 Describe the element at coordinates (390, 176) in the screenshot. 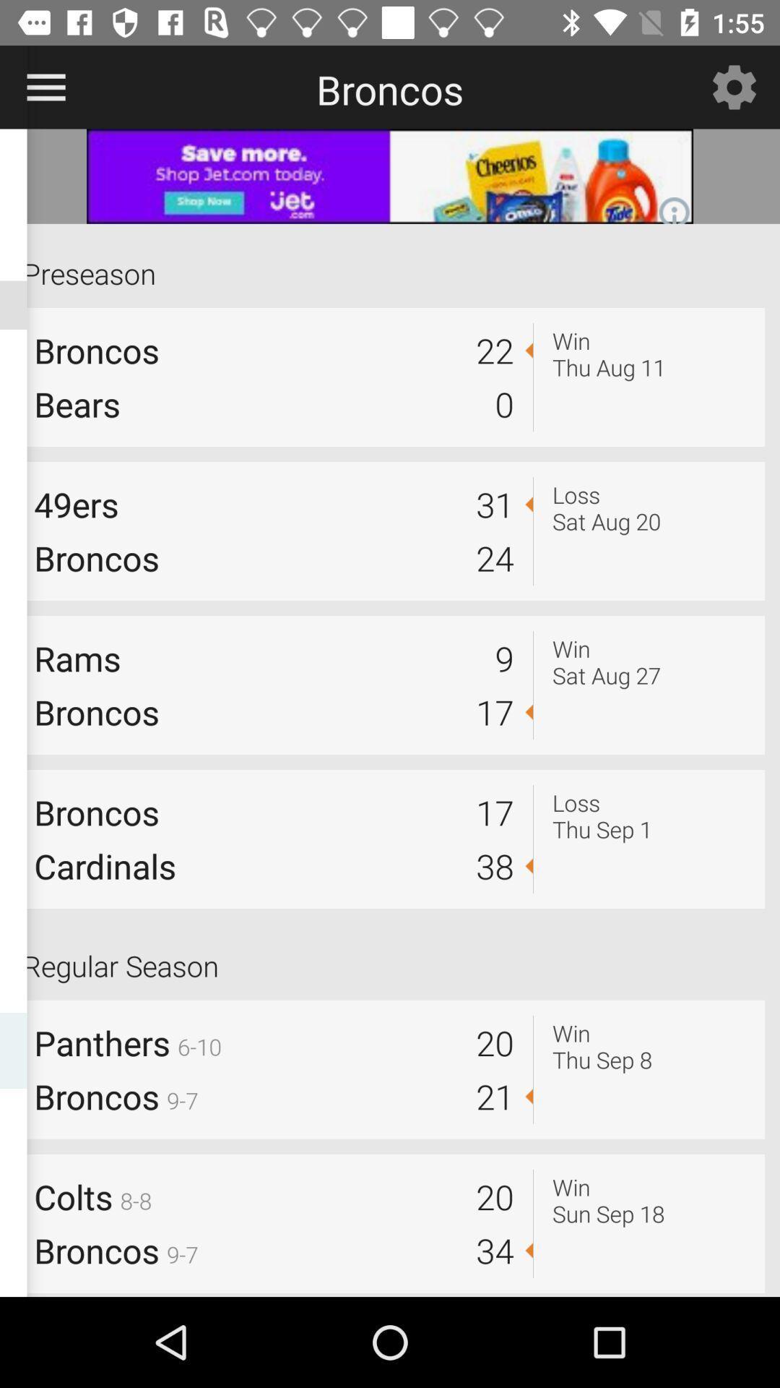

I see `banner advertisement` at that location.